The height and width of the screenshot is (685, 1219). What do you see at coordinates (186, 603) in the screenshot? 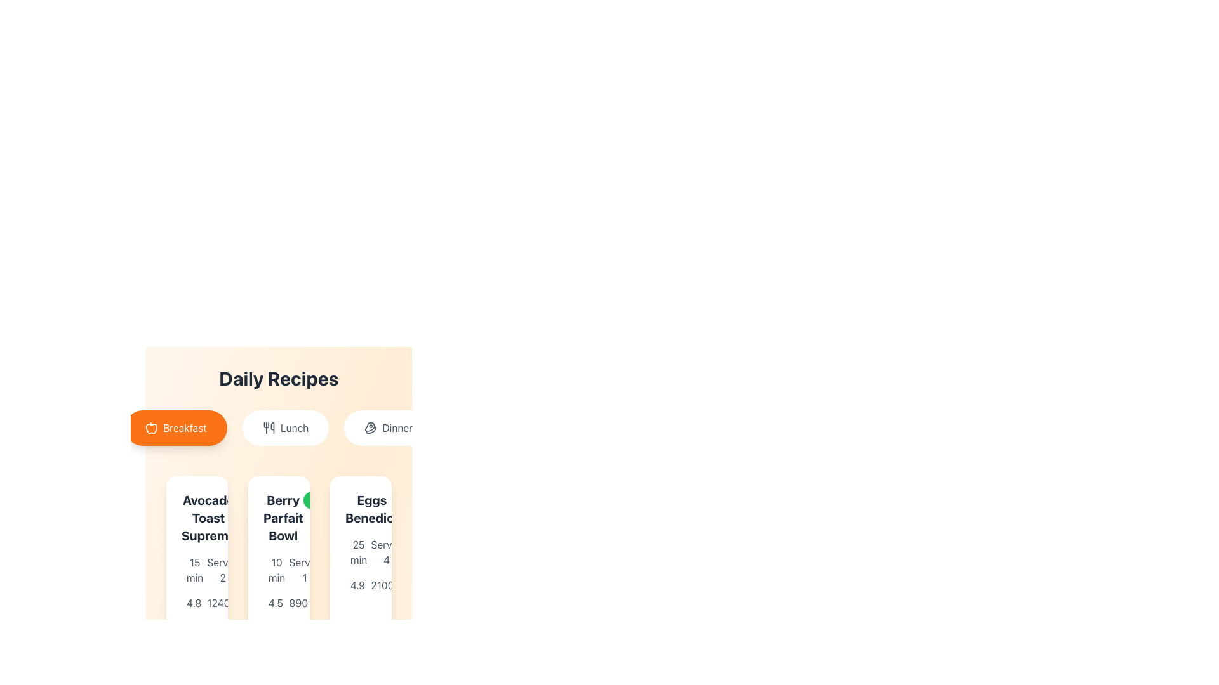
I see `the rating text with icon indicating a score of 4.8, located beneath the 'Avocado Toast Supreme' section in the first column of the grid layout` at bounding box center [186, 603].